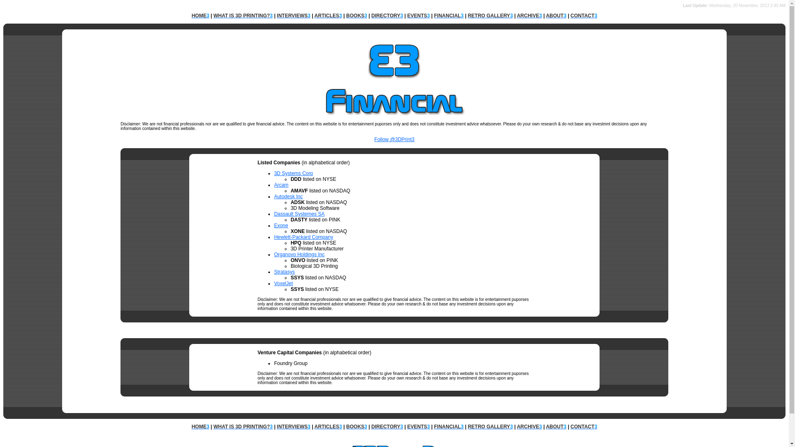  What do you see at coordinates (448, 16) in the screenshot?
I see `'FINANCIAL3'` at bounding box center [448, 16].